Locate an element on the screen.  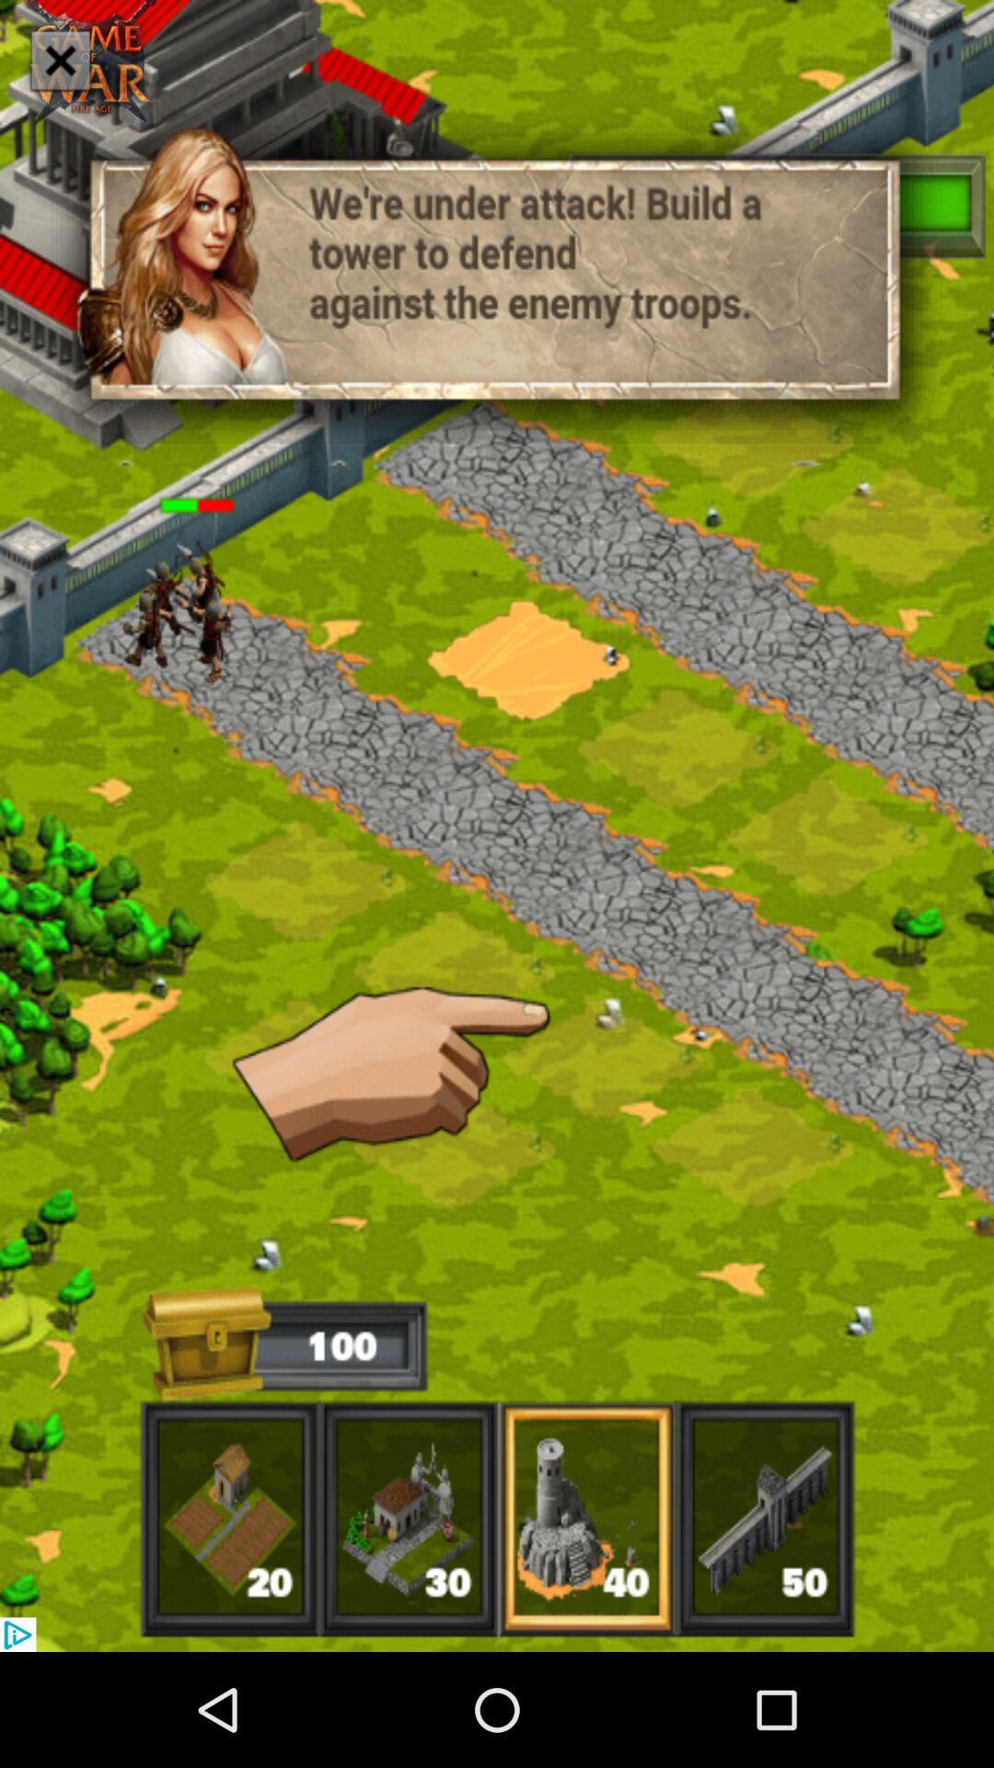
the close icon is located at coordinates (59, 64).